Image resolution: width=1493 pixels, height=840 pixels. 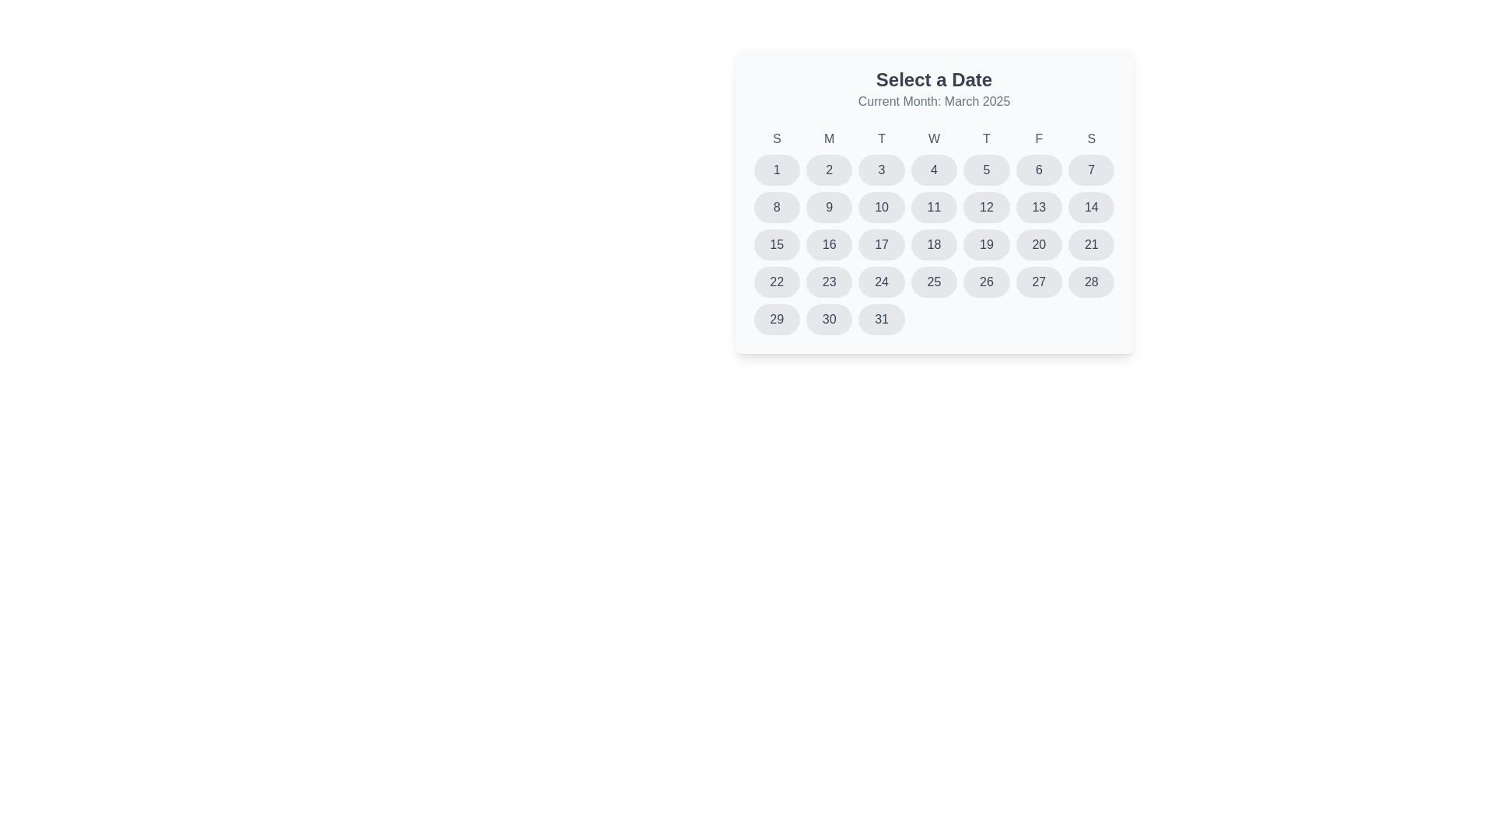 I want to click on the static text element displaying the capital letter 'T' for Tuesday in the calendar header, so click(x=882, y=138).